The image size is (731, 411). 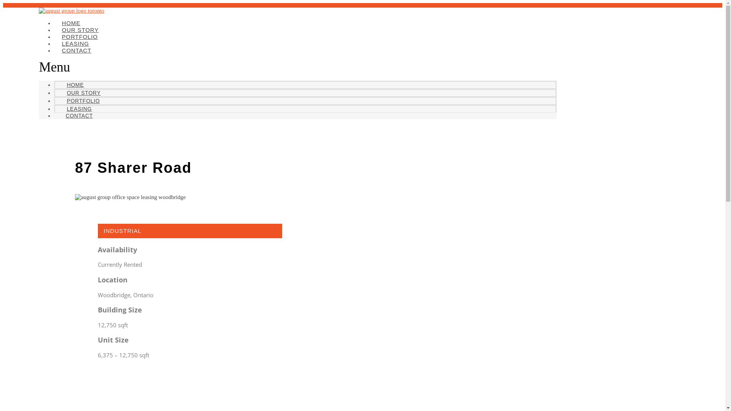 I want to click on 'OUR STORY', so click(x=80, y=29).